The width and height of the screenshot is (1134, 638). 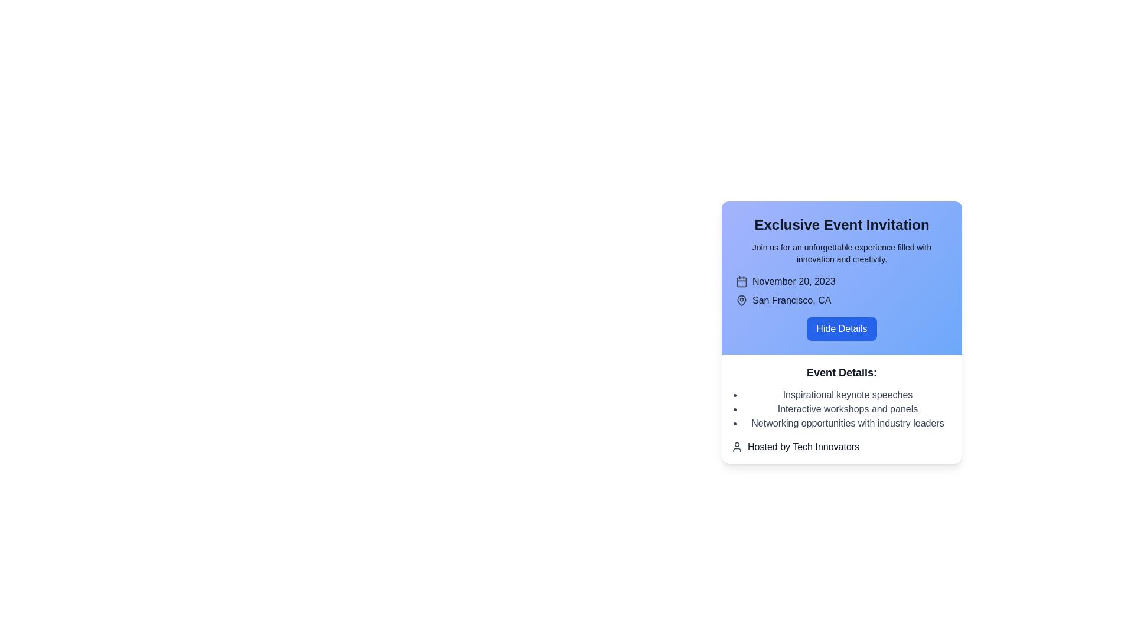 What do you see at coordinates (841, 328) in the screenshot?
I see `the button located in the card below the 'San Francisco, CA' text` at bounding box center [841, 328].